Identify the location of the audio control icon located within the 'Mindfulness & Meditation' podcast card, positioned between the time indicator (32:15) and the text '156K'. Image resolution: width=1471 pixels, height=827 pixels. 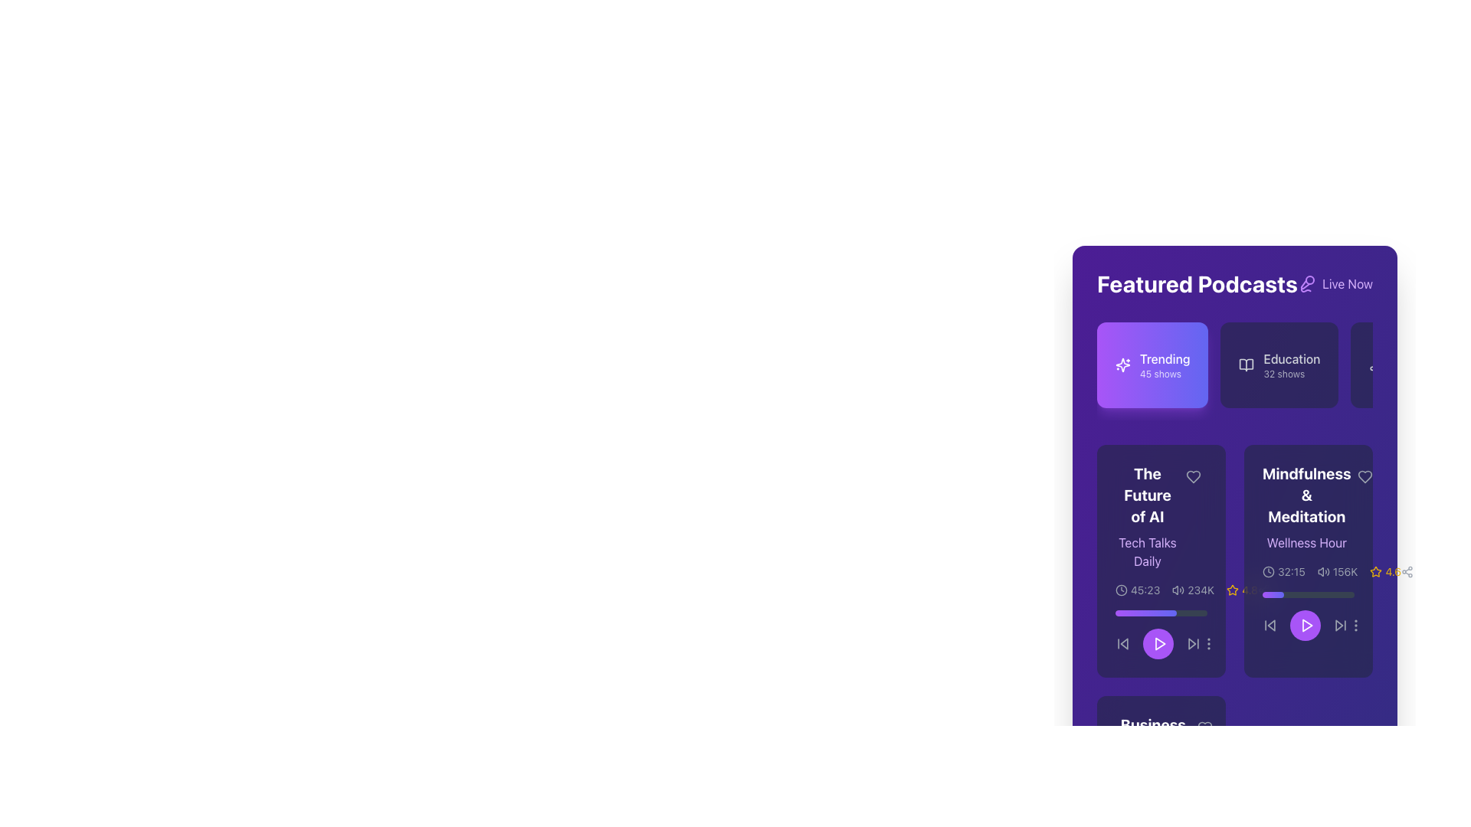
(1322, 572).